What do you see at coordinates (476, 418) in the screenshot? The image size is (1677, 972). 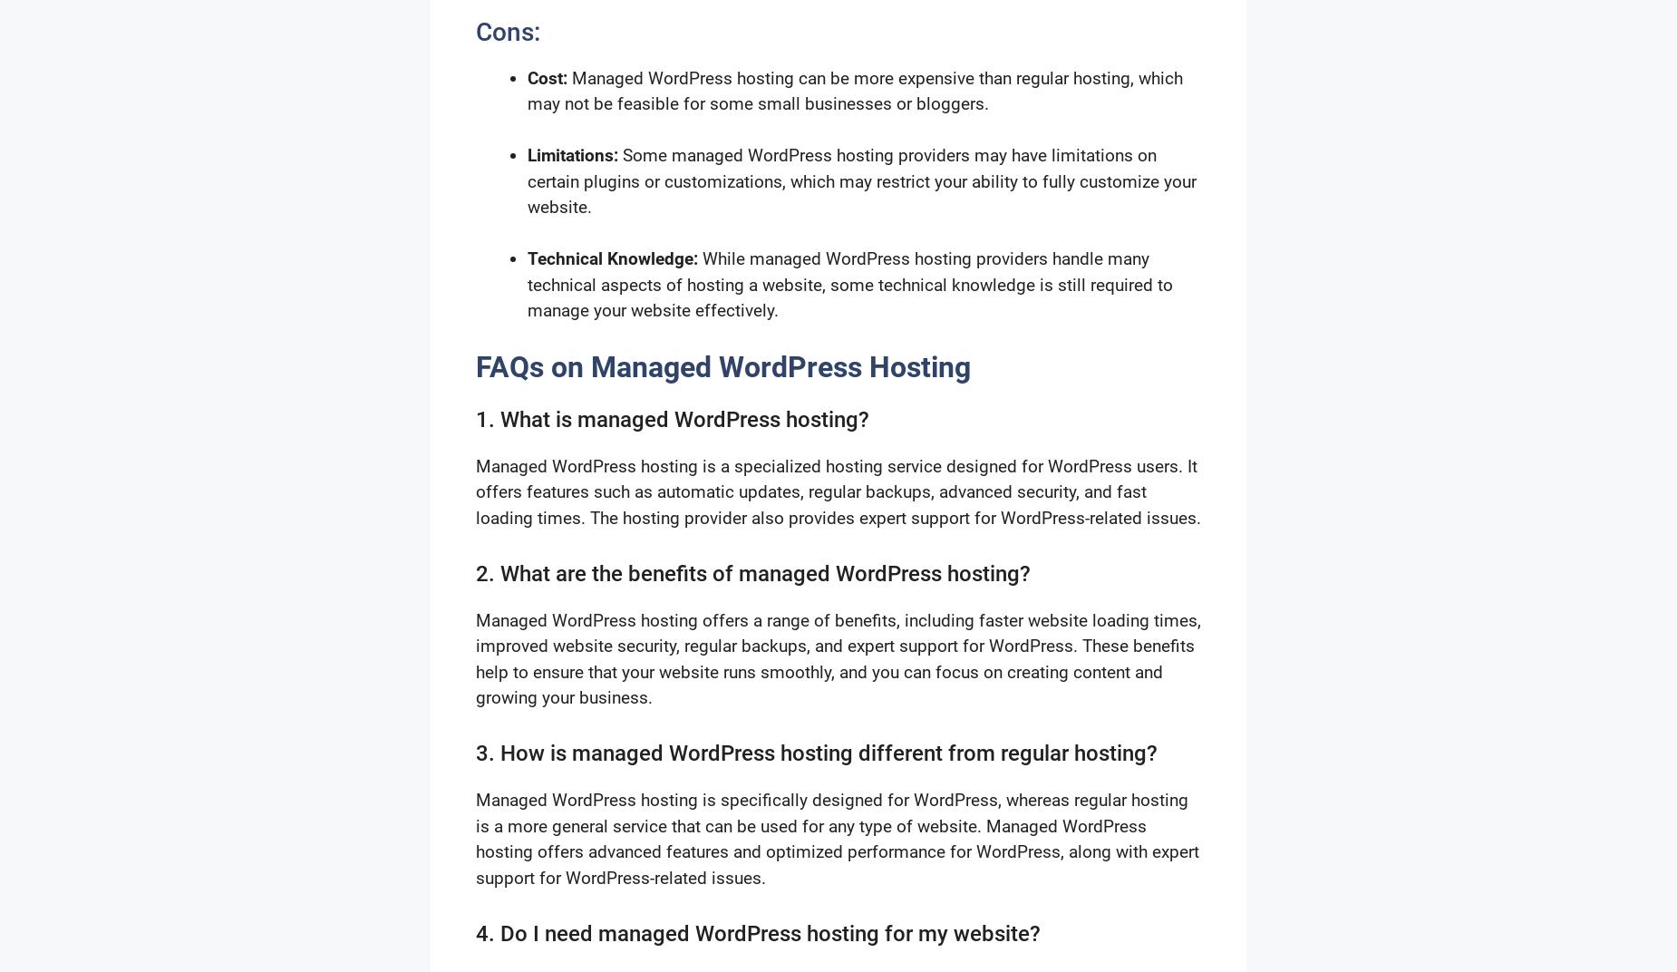 I see `'1. What is managed WordPress hosting?'` at bounding box center [476, 418].